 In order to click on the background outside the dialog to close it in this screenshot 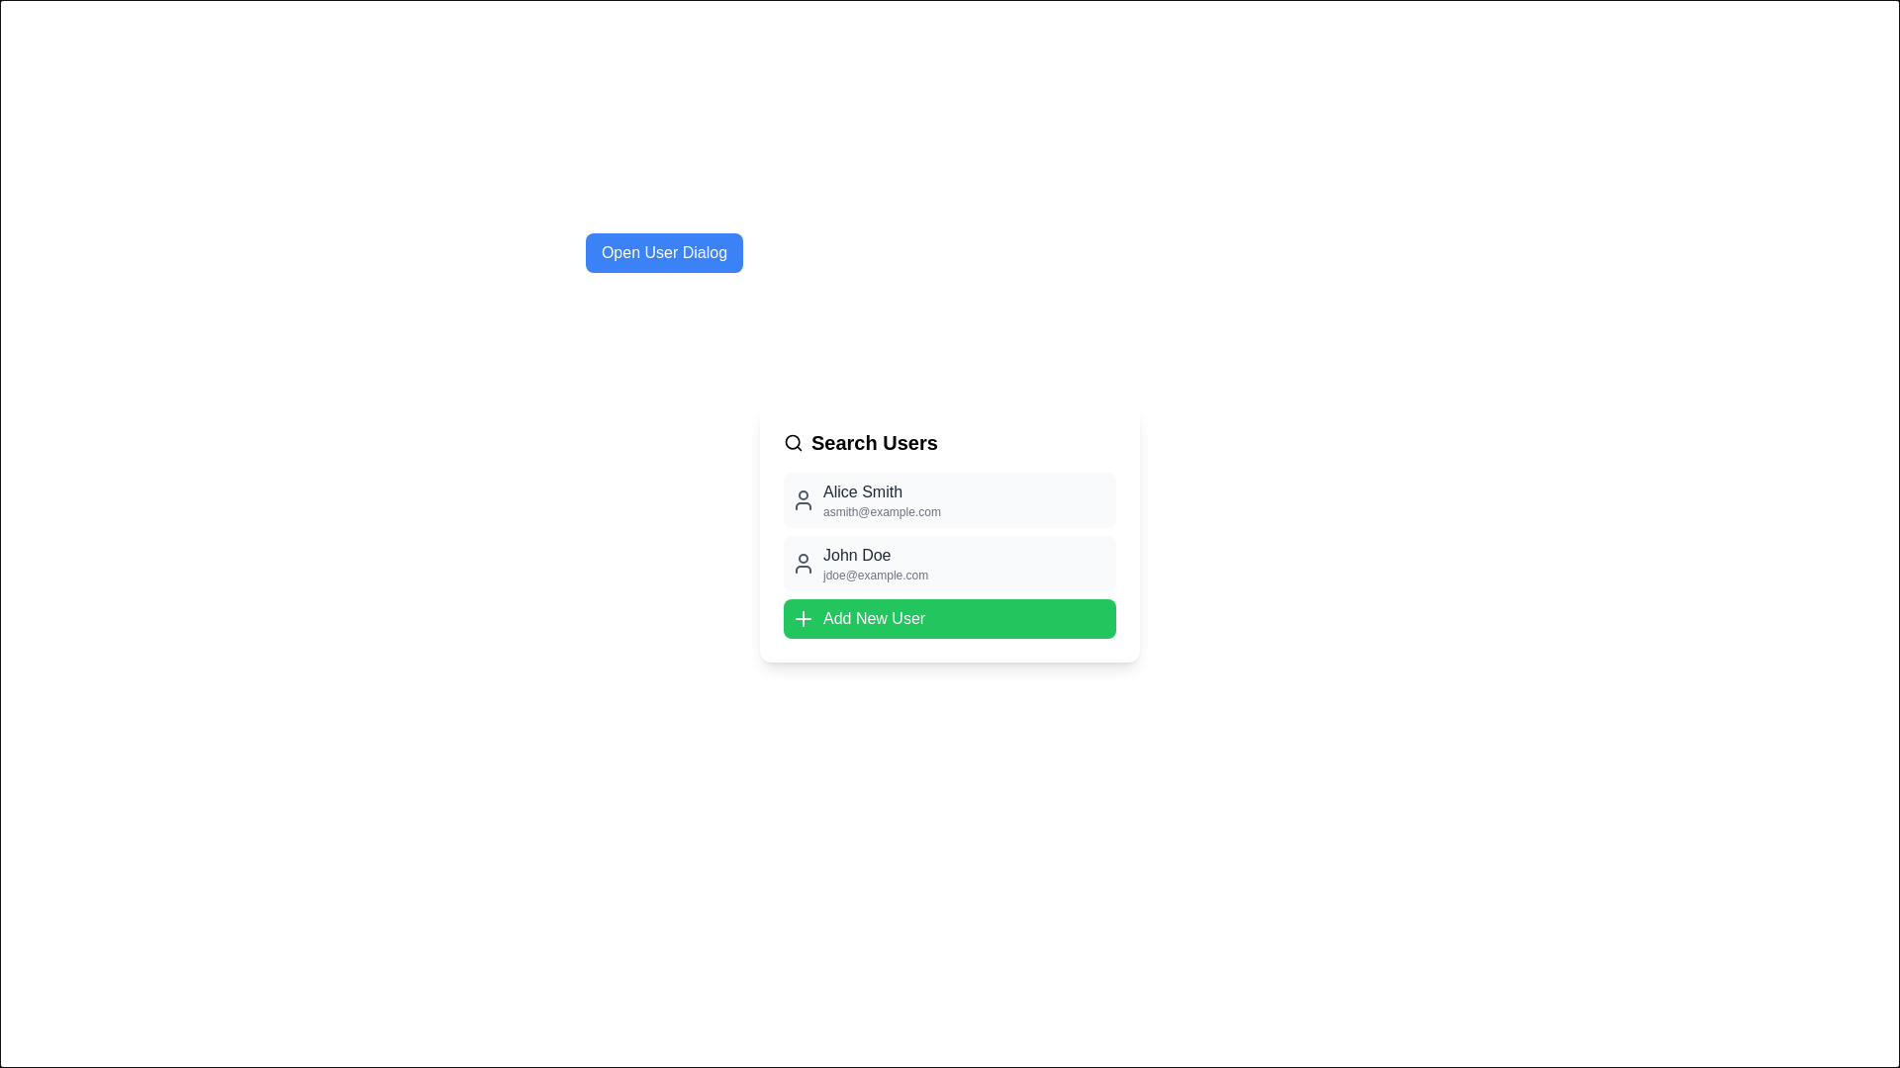, I will do `click(48, 48)`.